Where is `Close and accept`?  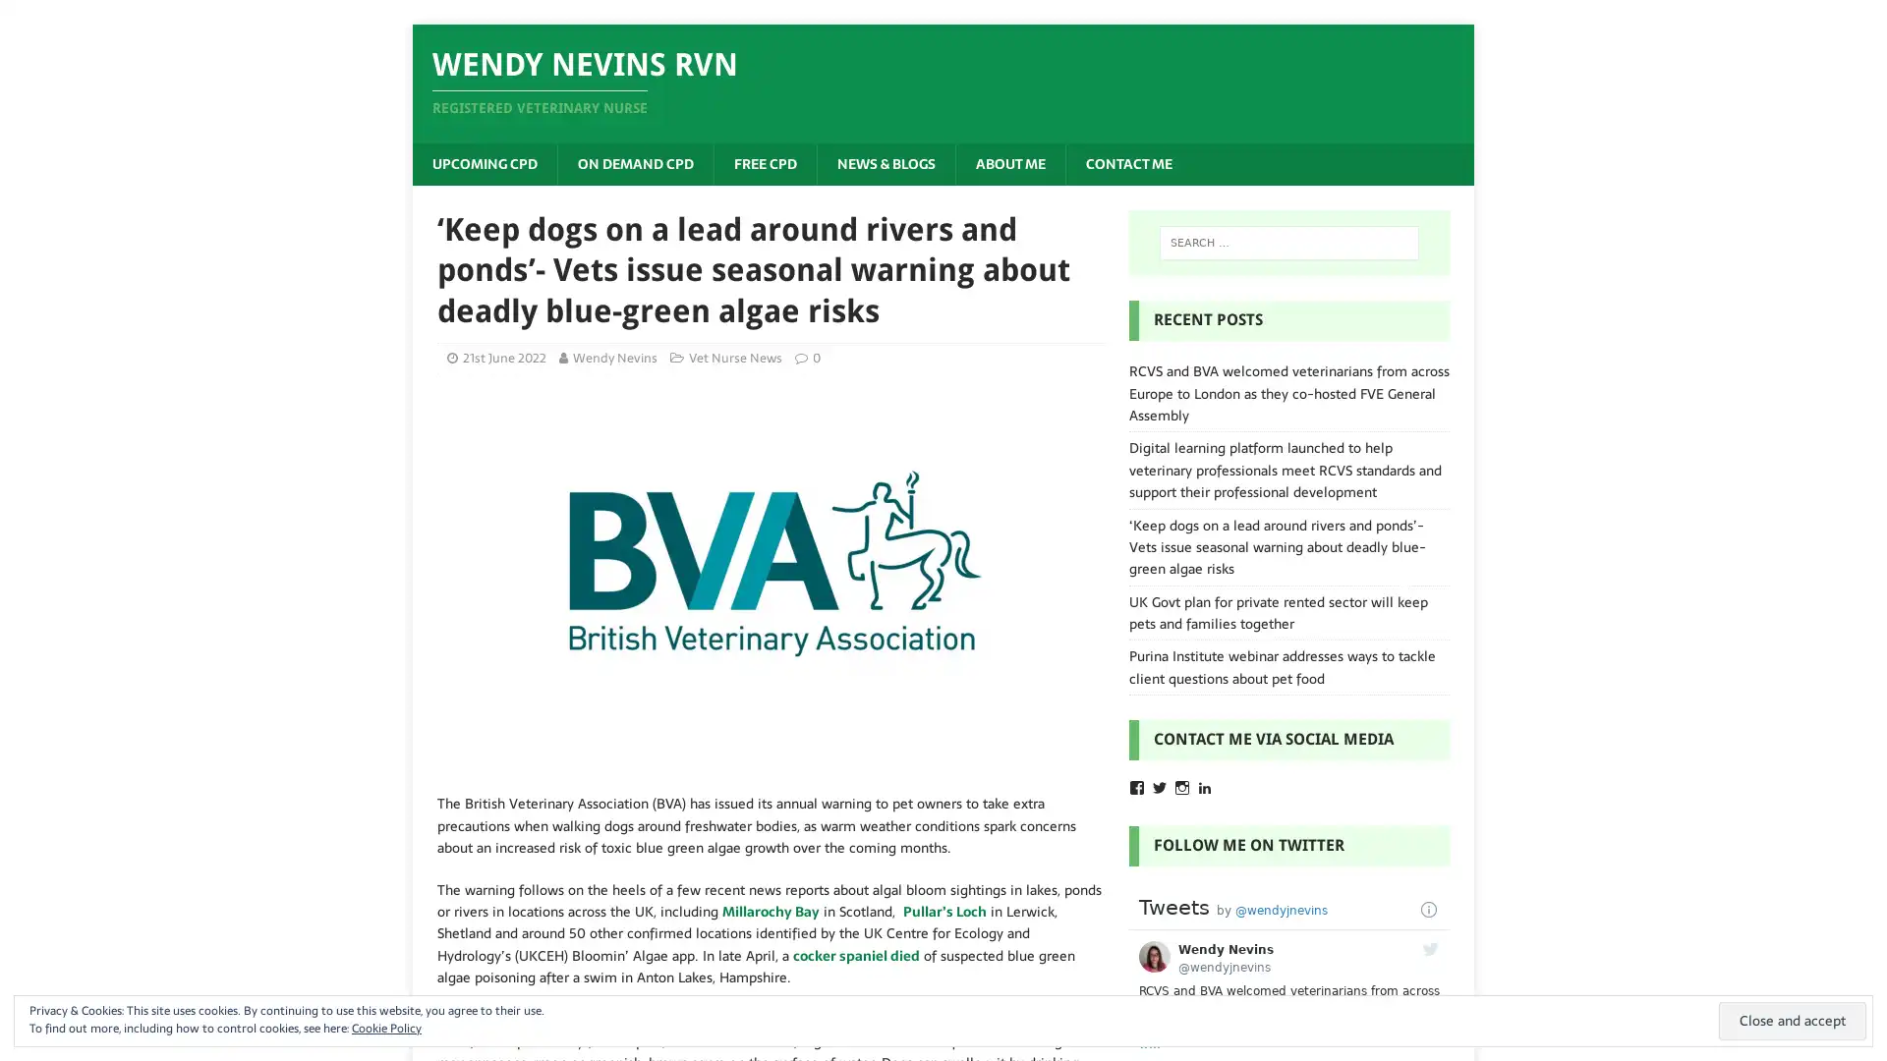 Close and accept is located at coordinates (1793, 1020).